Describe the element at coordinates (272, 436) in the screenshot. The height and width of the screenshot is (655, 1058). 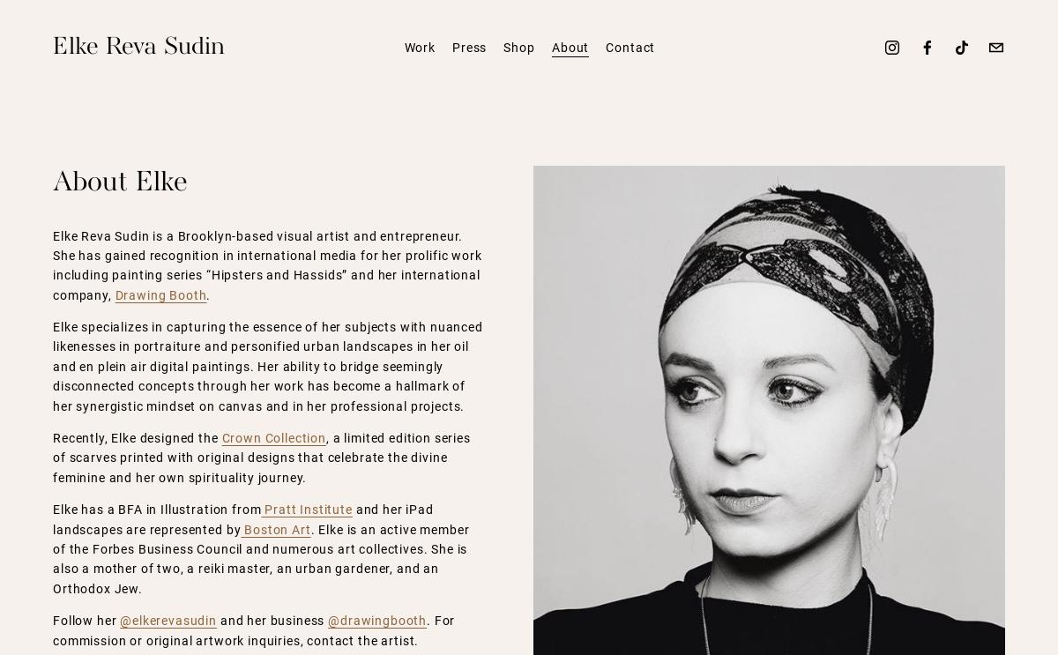
I see `'Crown Collection'` at that location.